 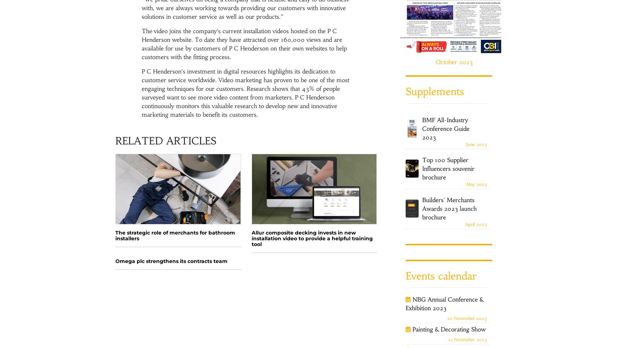 I want to click on 'Top 100 Supplier Influencers souvenir brochure', so click(x=422, y=168).